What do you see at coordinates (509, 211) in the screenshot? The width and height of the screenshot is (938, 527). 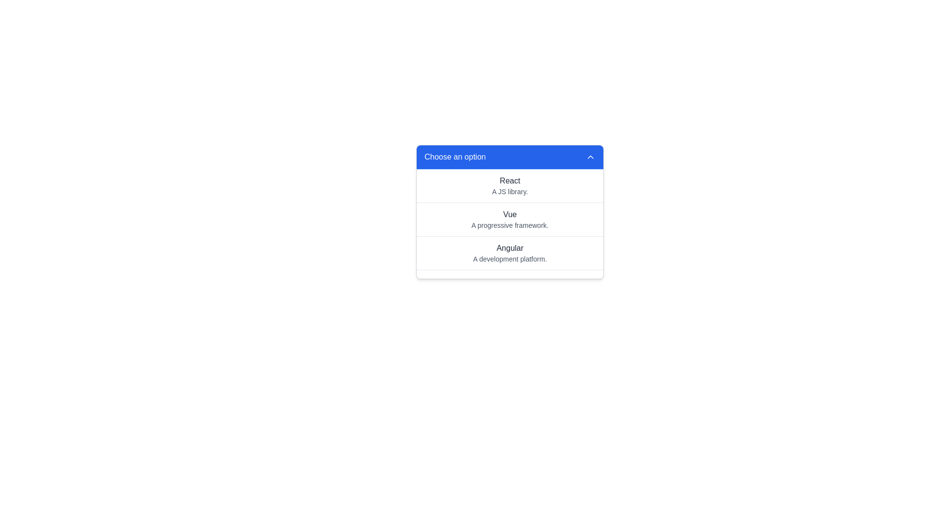 I see `the second option 'Vue' in the dropdown menu` at bounding box center [509, 211].